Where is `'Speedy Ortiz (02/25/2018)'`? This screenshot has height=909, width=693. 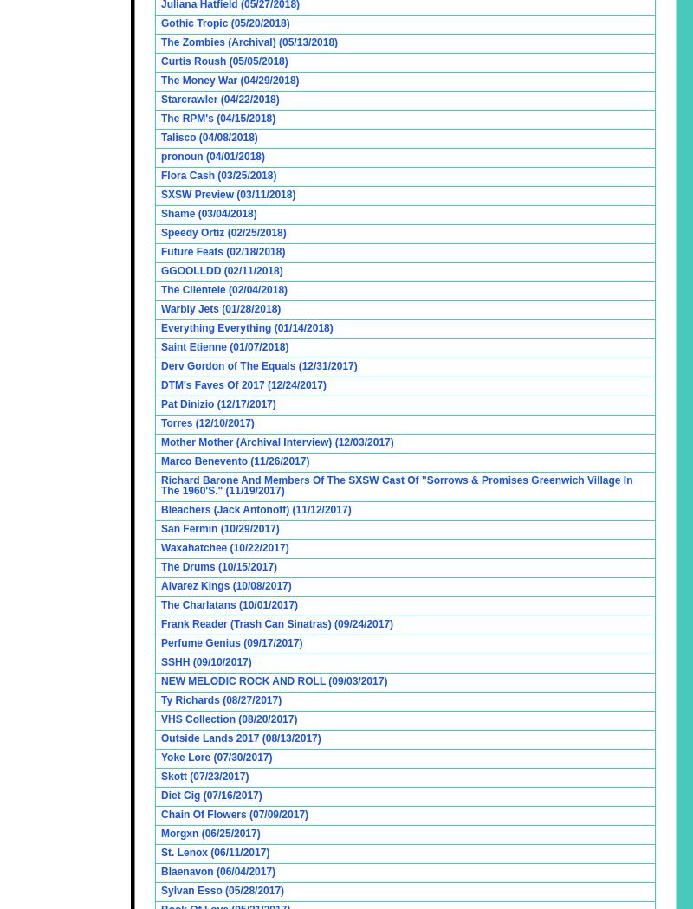
'Speedy Ortiz (02/25/2018)' is located at coordinates (160, 232).